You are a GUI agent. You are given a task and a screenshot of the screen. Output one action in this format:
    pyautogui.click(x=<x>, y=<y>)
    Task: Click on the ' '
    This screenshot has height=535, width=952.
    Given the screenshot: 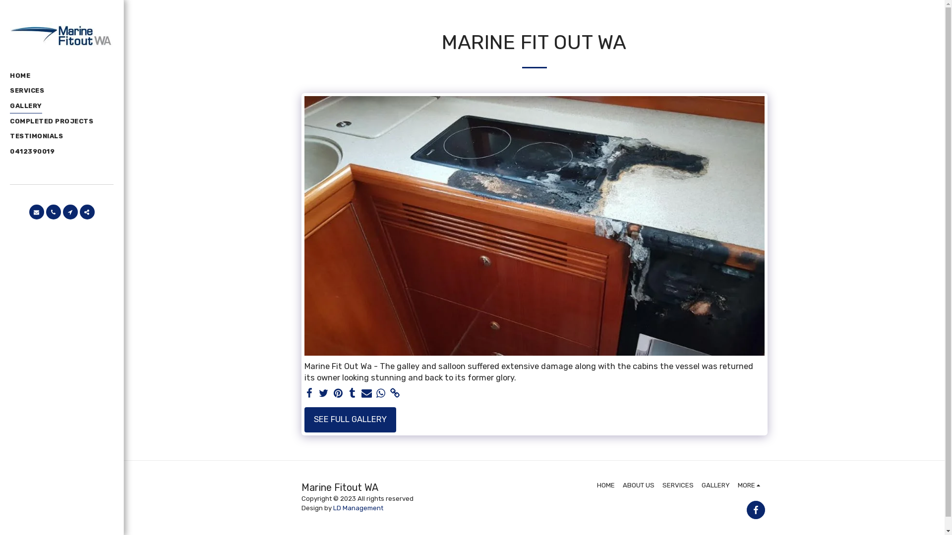 What is the action you would take?
    pyautogui.click(x=755, y=510)
    